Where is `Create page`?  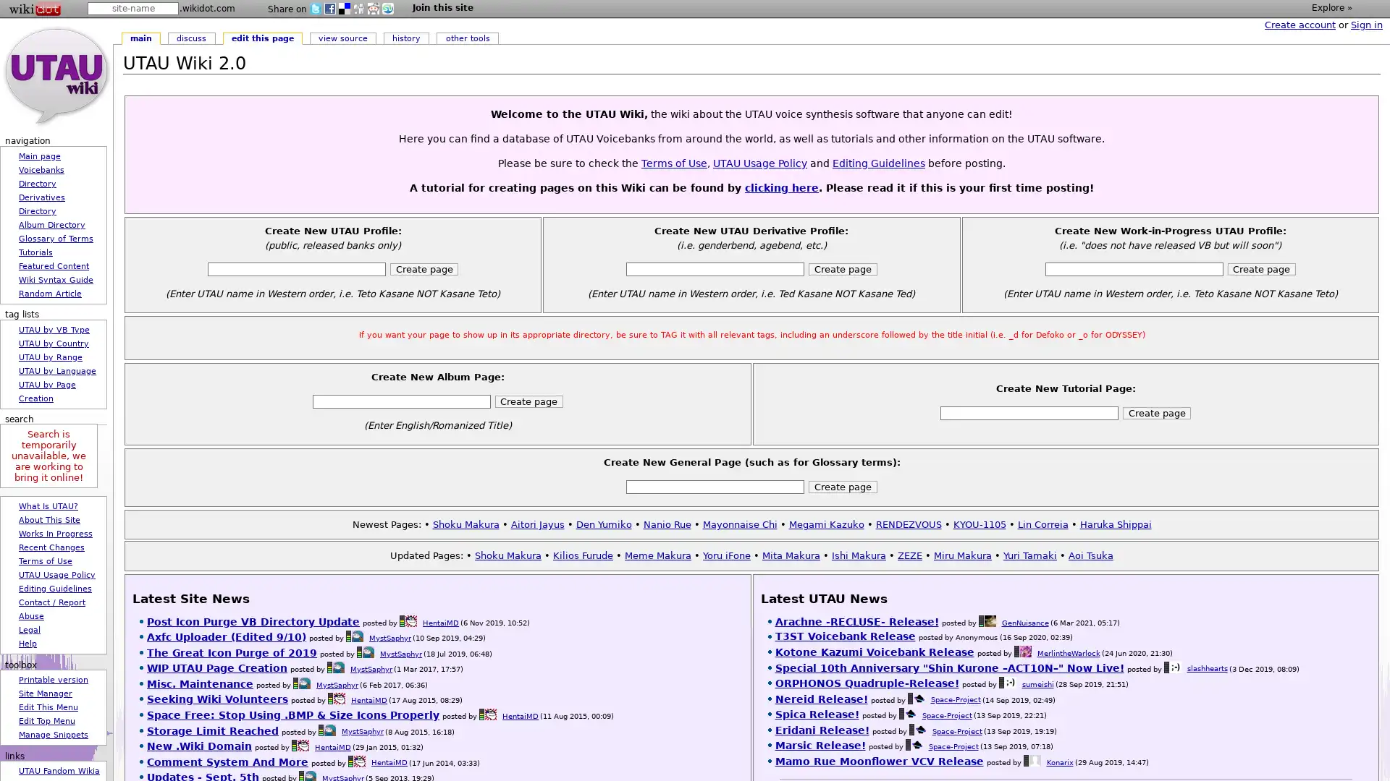 Create page is located at coordinates (1156, 413).